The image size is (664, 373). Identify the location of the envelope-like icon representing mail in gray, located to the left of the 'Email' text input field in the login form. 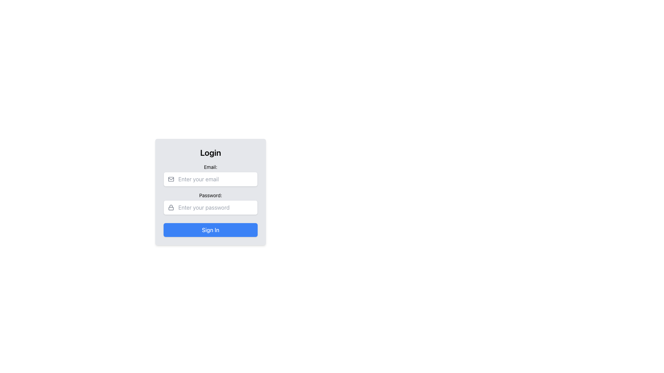
(171, 179).